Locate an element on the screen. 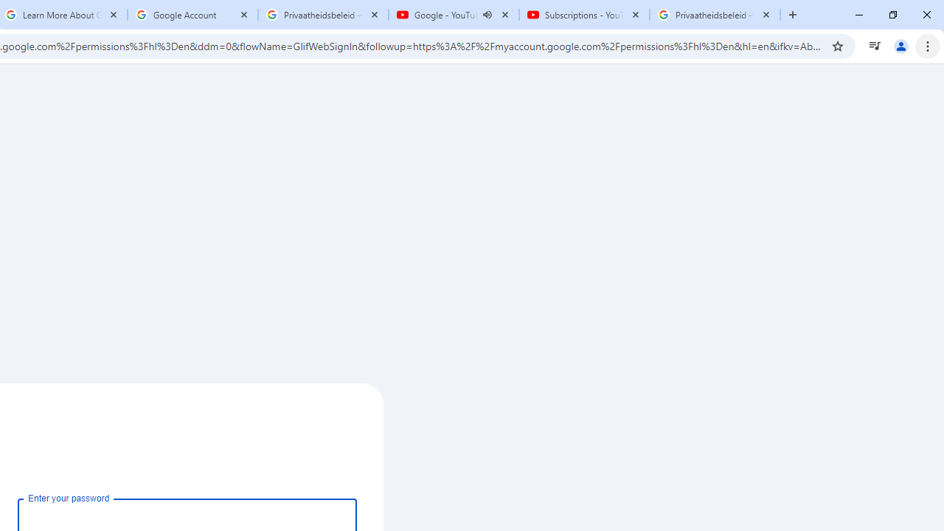 Image resolution: width=944 pixels, height=531 pixels. 'Subscriptions - YouTube' is located at coordinates (583, 15).